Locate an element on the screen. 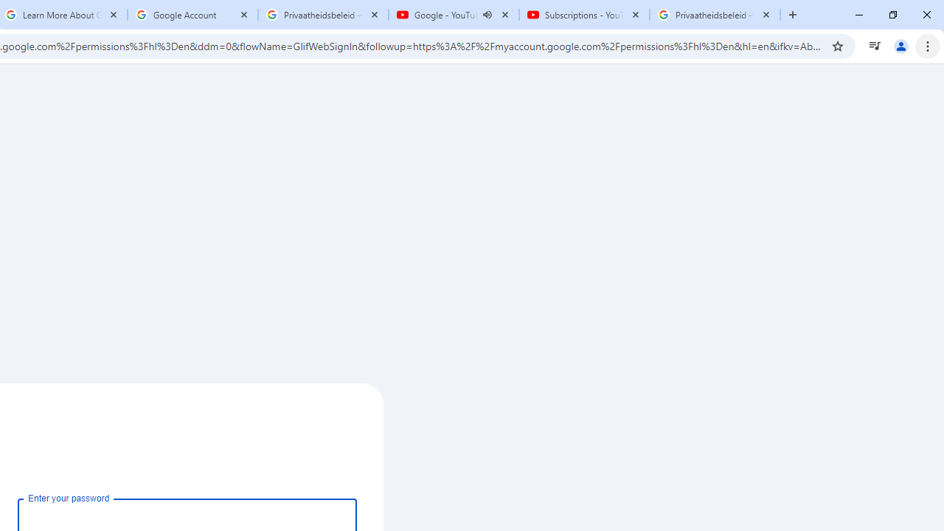 Image resolution: width=944 pixels, height=531 pixels. 'Subscriptions - YouTube' is located at coordinates (583, 15).